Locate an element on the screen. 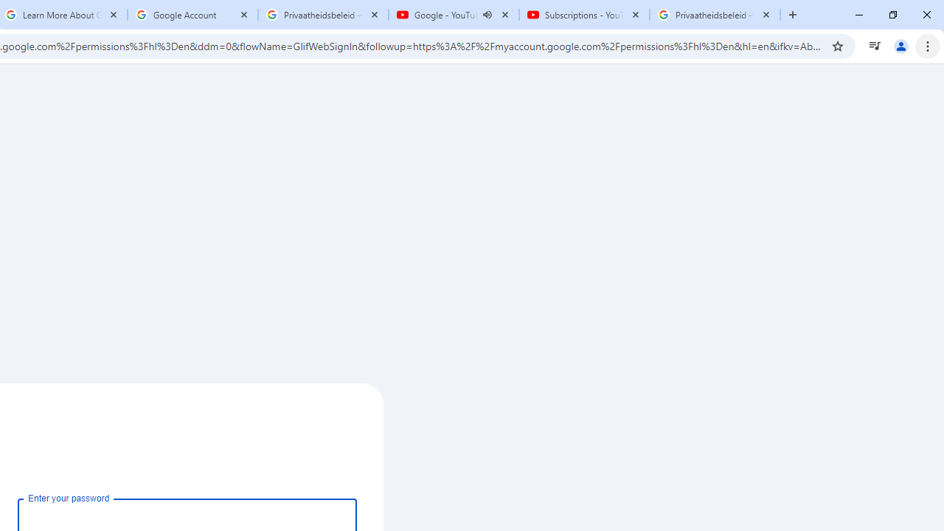 Image resolution: width=944 pixels, height=531 pixels. 'Subscriptions - YouTube' is located at coordinates (583, 15).